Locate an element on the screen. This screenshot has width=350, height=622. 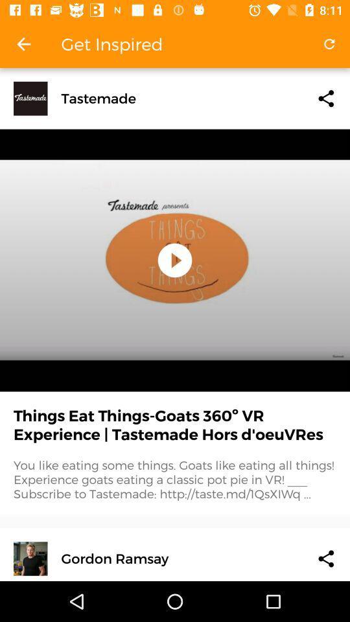
share the article is located at coordinates (325, 98).